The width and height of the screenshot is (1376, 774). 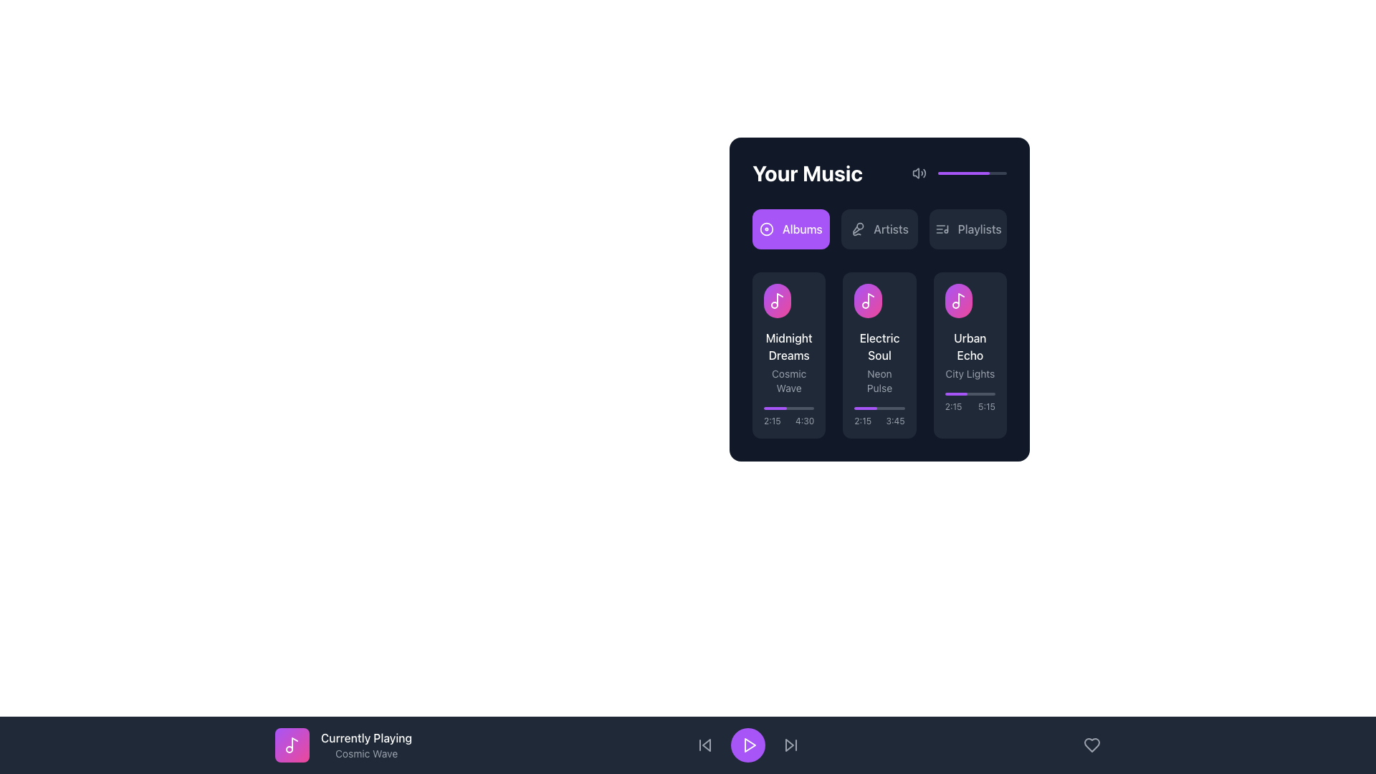 What do you see at coordinates (777, 300) in the screenshot?
I see `the album icon button representing 'Midnight Dreams' in the 'Your Music' interface, located in the first column of album cards` at bounding box center [777, 300].